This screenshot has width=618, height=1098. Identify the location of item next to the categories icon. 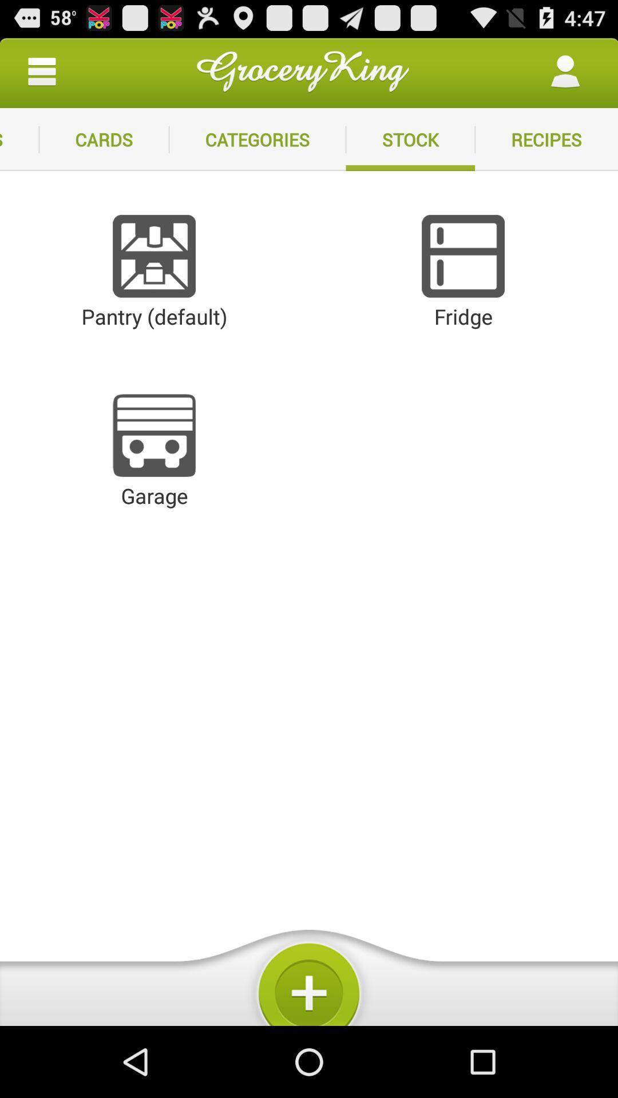
(104, 139).